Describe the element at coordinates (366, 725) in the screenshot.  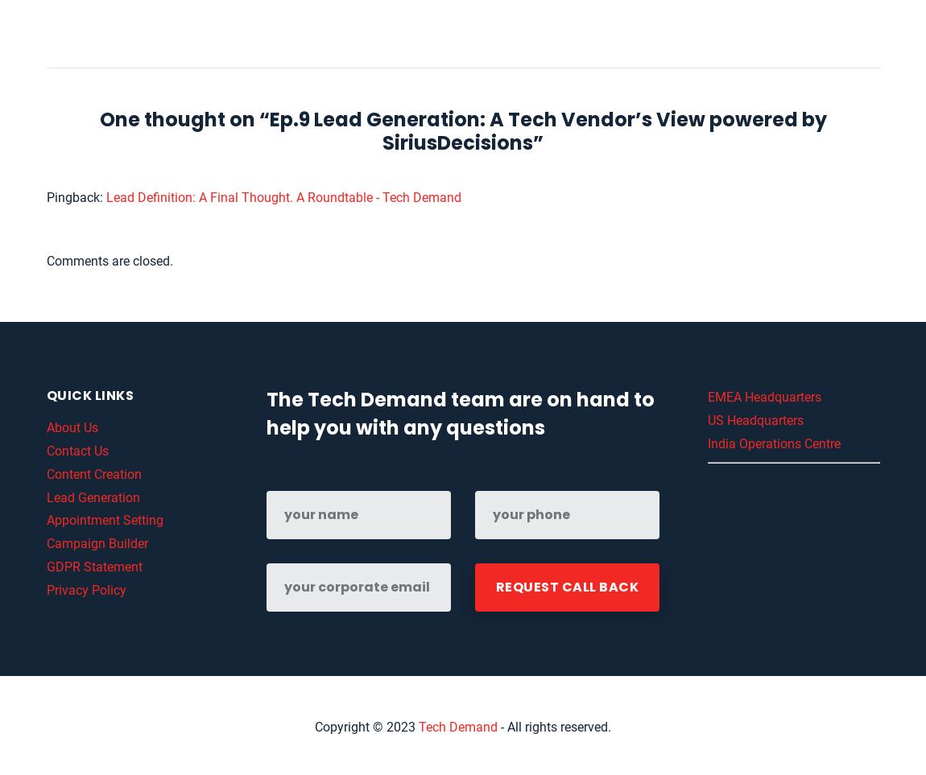
I see `'Copyright © 2023'` at that location.